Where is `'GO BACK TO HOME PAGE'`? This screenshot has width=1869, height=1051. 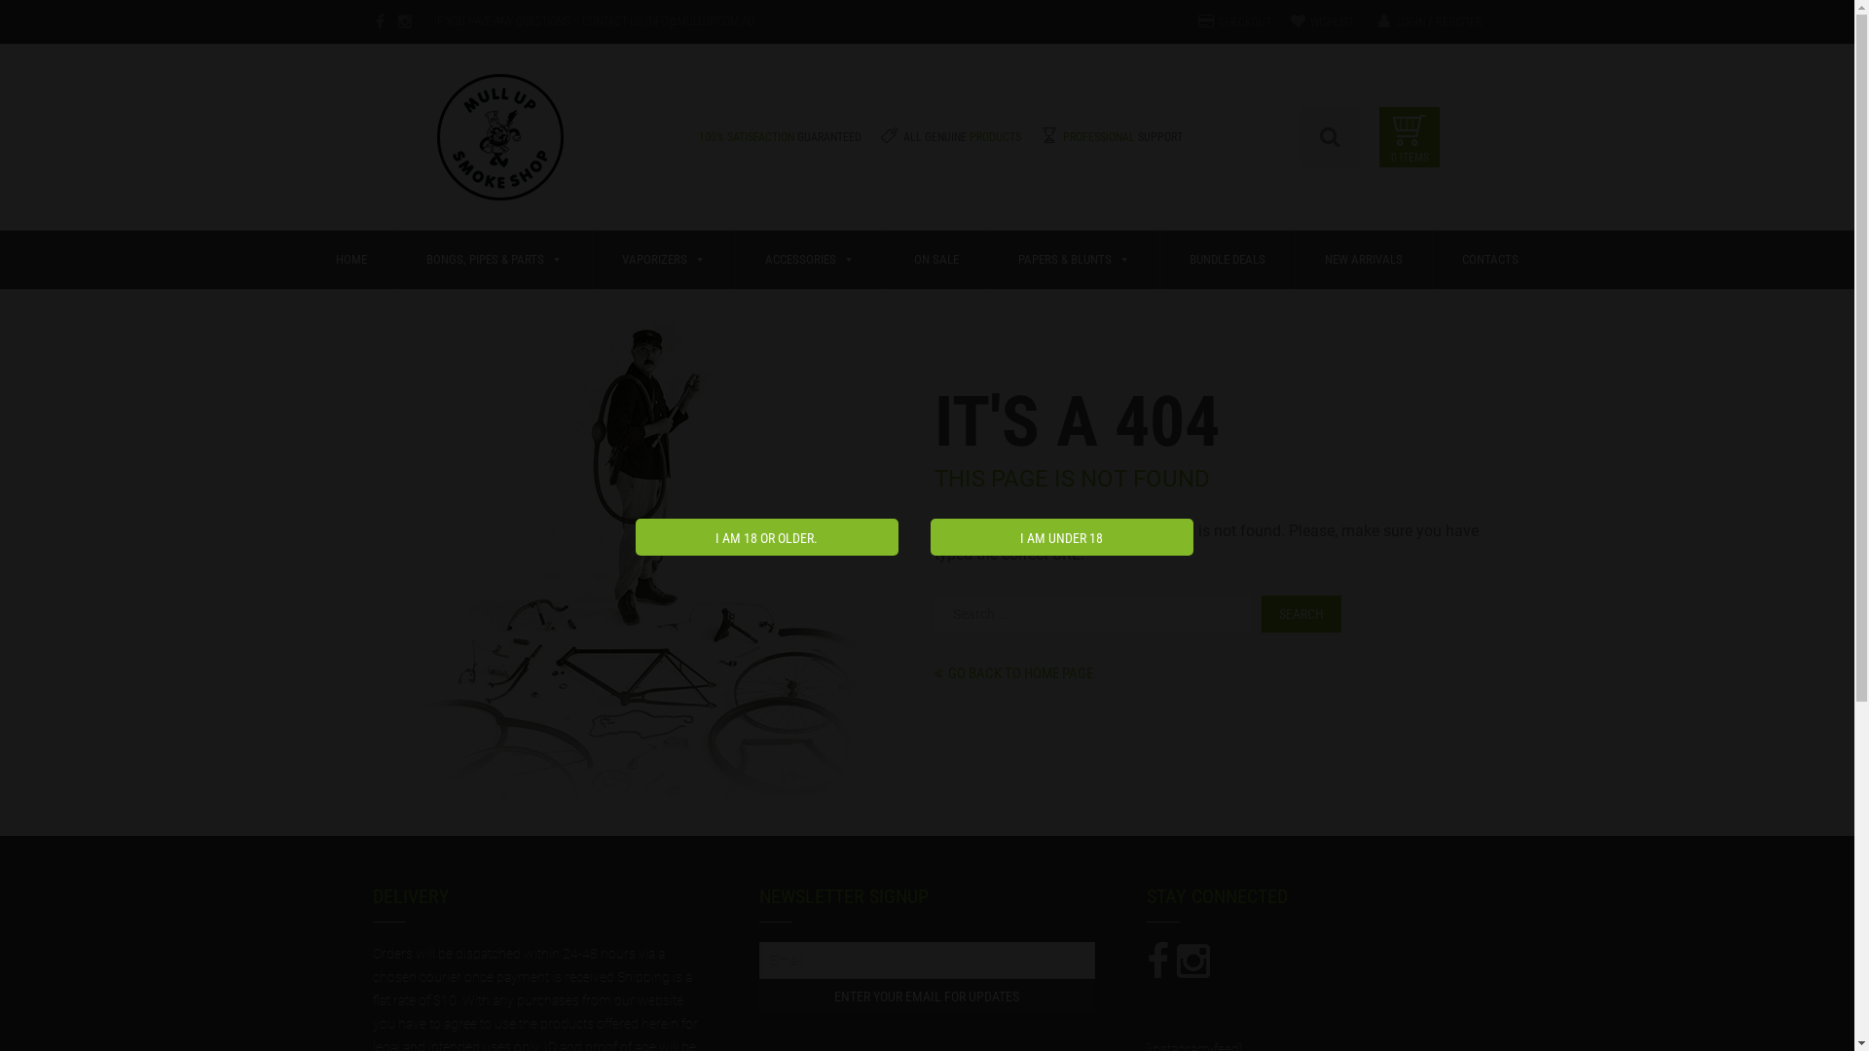 'GO BACK TO HOME PAGE' is located at coordinates (1012, 671).